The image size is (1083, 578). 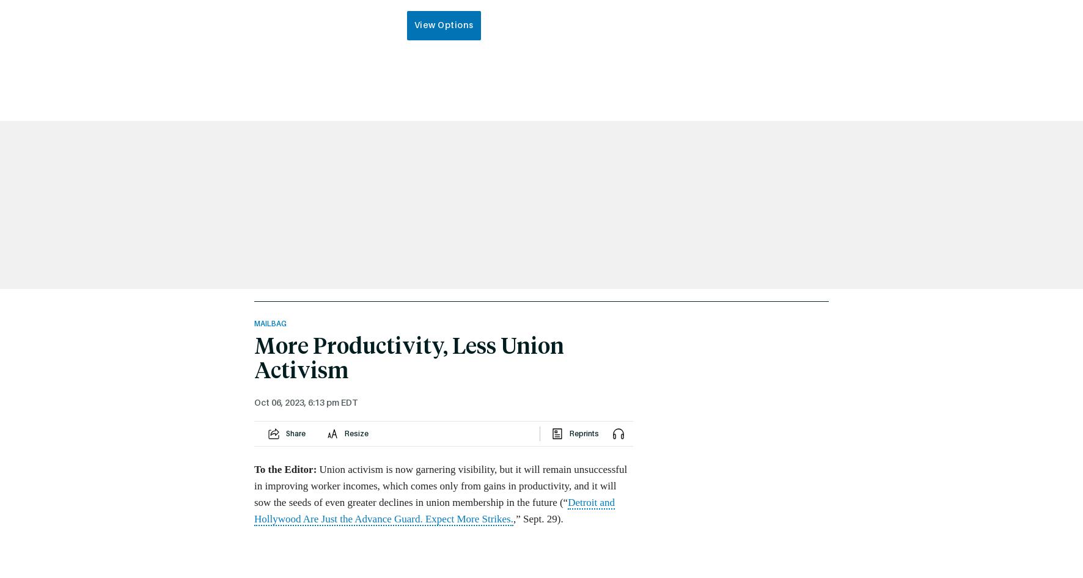 I want to click on 'To the Editor:', so click(x=254, y=468).